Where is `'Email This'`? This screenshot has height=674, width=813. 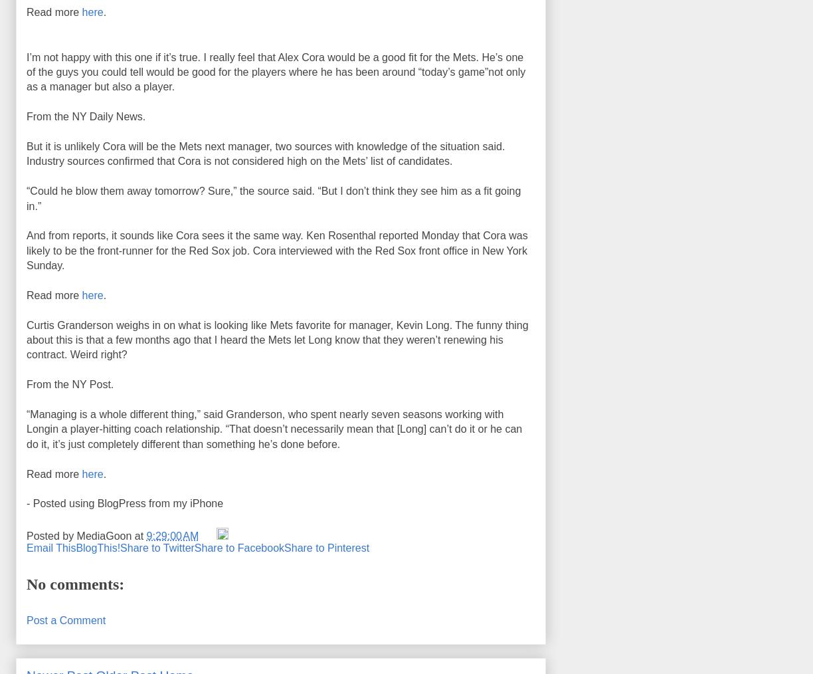
'Email This' is located at coordinates (50, 547).